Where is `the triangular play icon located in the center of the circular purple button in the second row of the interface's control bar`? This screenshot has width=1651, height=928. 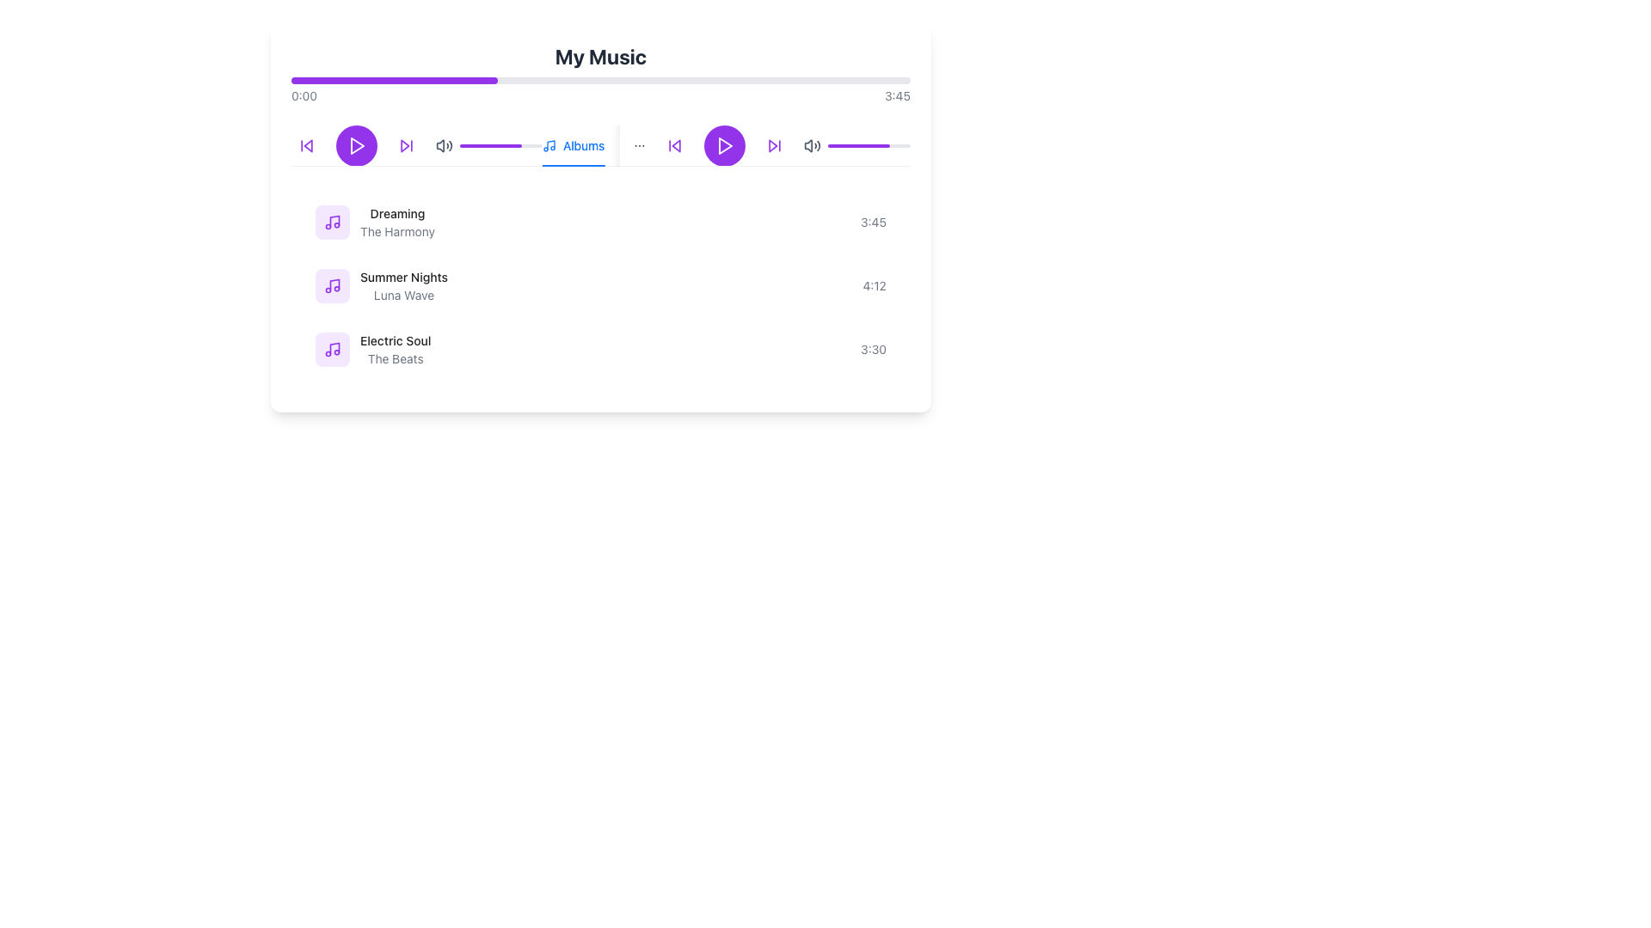
the triangular play icon located in the center of the circular purple button in the second row of the interface's control bar is located at coordinates (725, 144).